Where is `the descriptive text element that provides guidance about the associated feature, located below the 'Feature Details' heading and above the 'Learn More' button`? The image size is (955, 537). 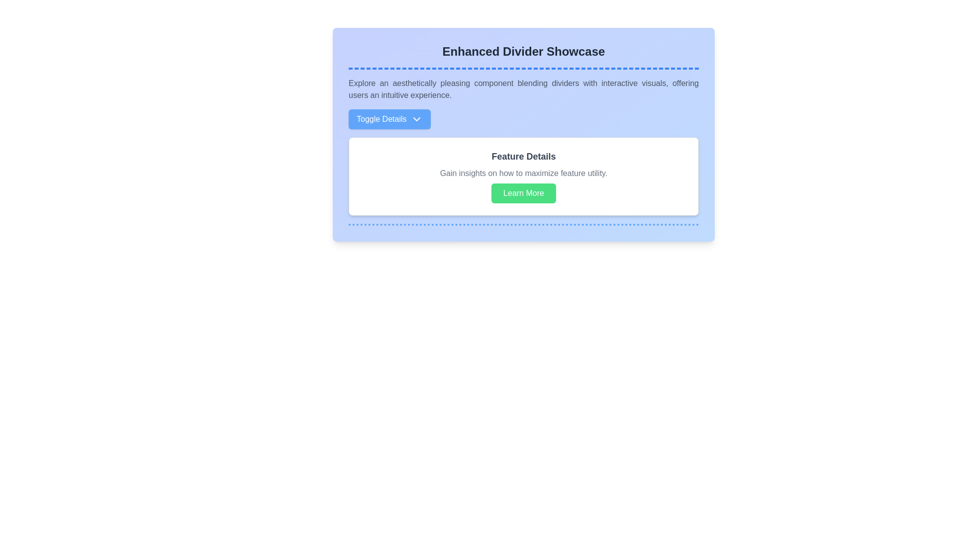 the descriptive text element that provides guidance about the associated feature, located below the 'Feature Details' heading and above the 'Learn More' button is located at coordinates (523, 173).